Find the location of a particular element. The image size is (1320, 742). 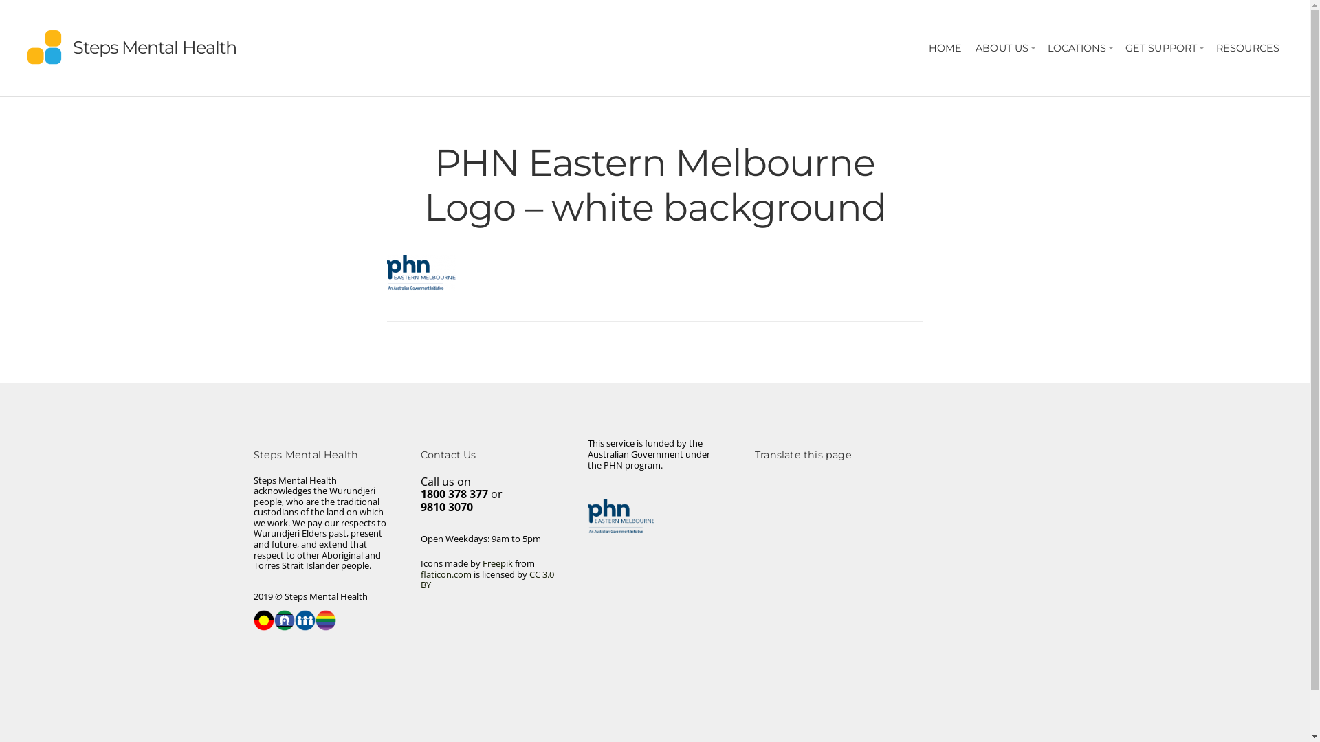

'CC 3.0 BY' is located at coordinates (487, 580).